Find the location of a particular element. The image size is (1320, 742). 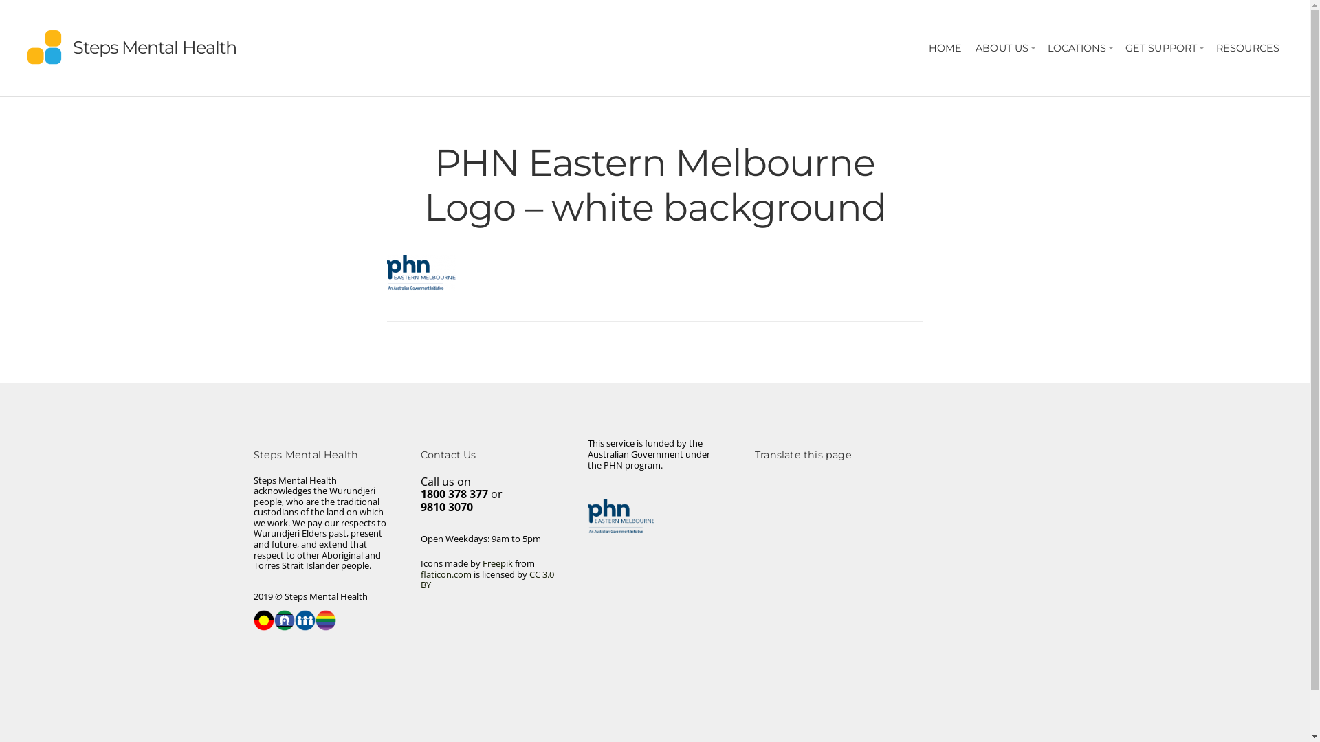

'CC 3.0 BY' is located at coordinates (487, 580).